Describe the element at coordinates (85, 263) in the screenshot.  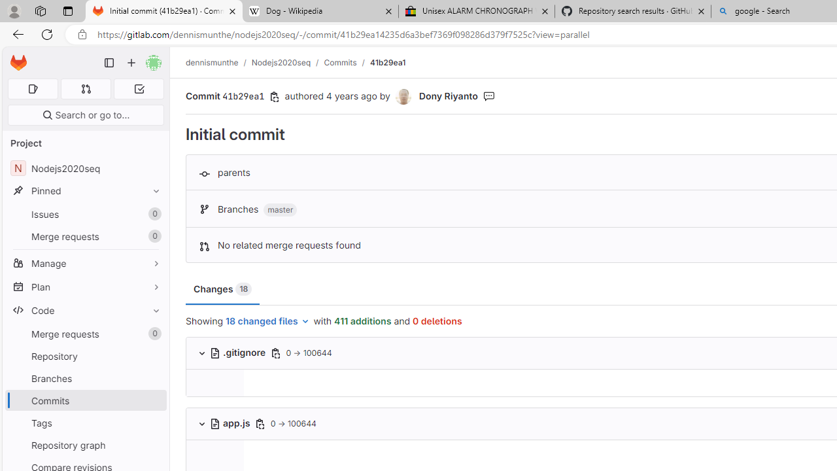
I see `'Manage'` at that location.